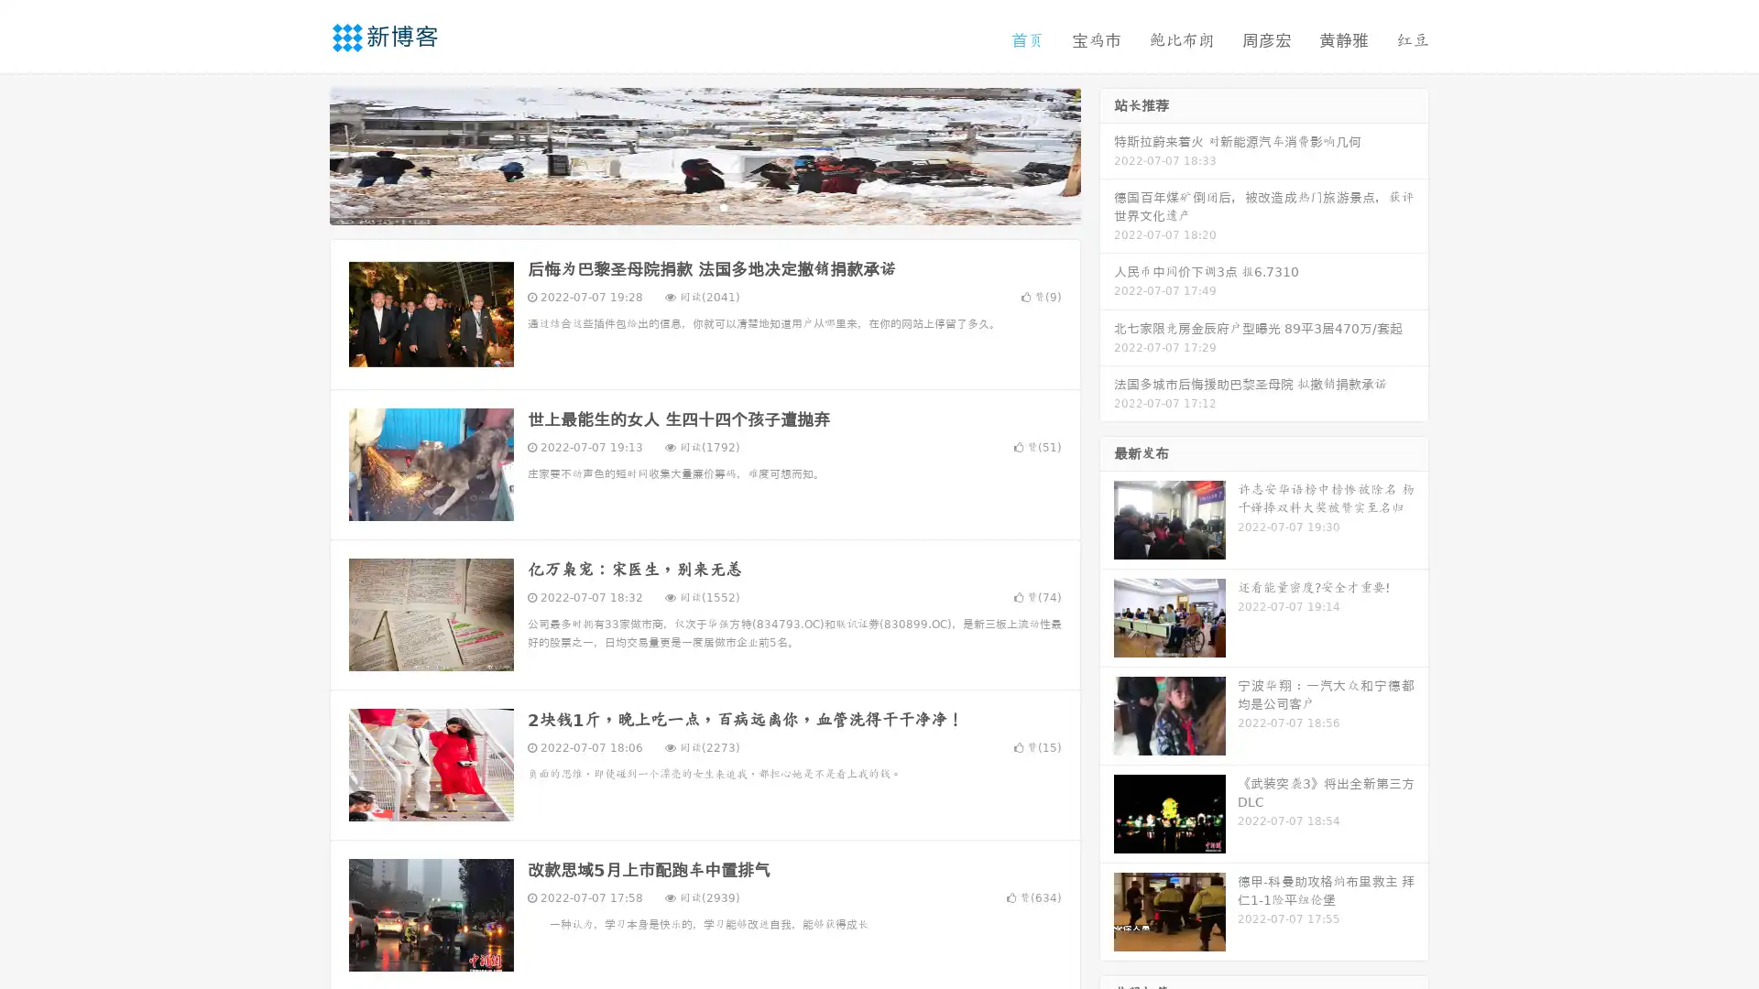 The width and height of the screenshot is (1759, 989). What do you see at coordinates (685, 206) in the screenshot?
I see `Go to slide 1` at bounding box center [685, 206].